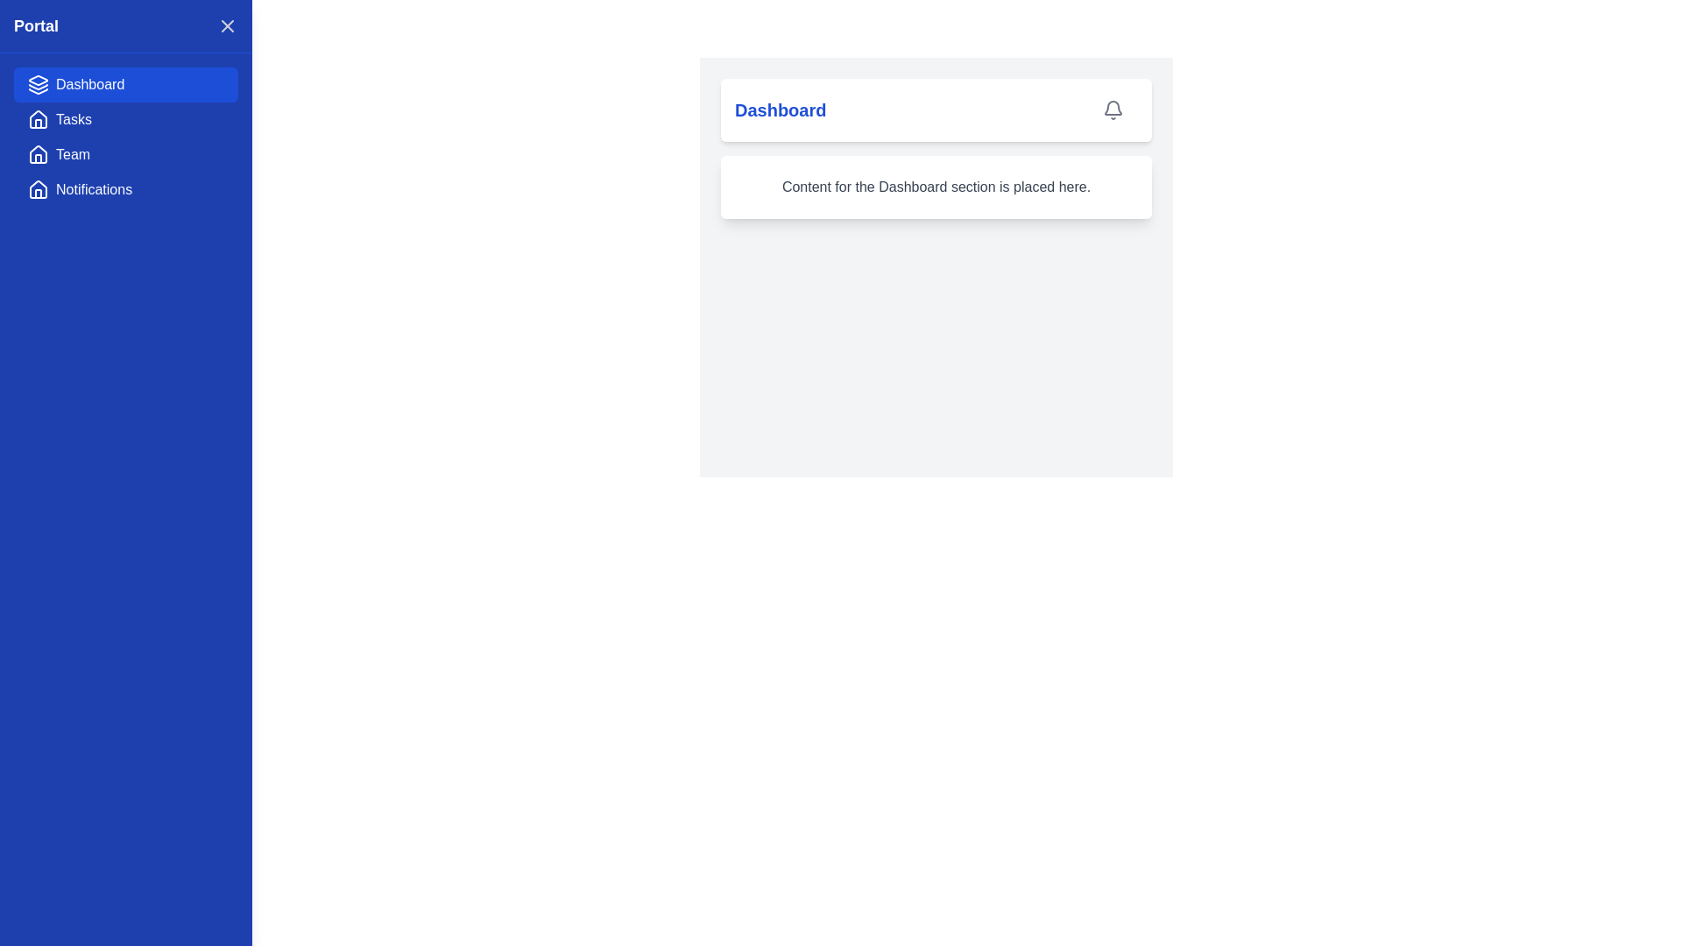 Image resolution: width=1682 pixels, height=946 pixels. I want to click on the icon representing layered objects located in the sidebar menu under the 'Dashboard' label, so click(38, 84).